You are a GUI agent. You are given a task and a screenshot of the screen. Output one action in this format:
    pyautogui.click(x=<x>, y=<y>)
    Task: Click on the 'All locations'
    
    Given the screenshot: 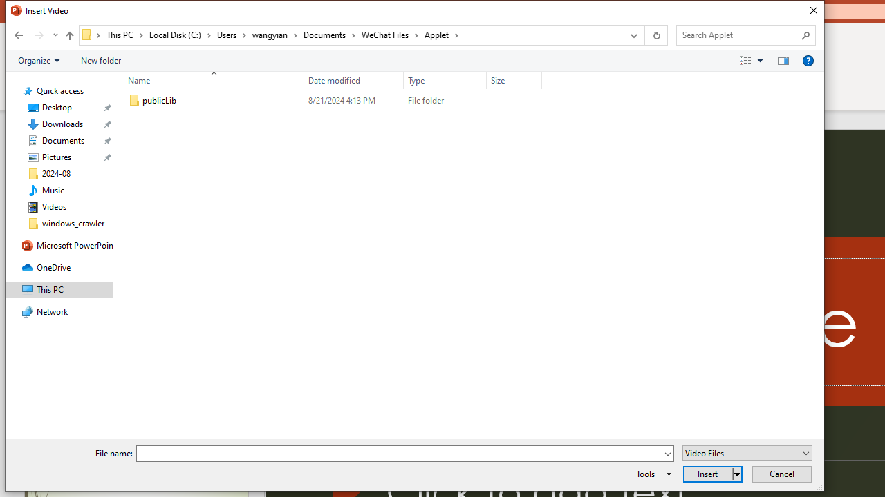 What is the action you would take?
    pyautogui.click(x=91, y=34)
    